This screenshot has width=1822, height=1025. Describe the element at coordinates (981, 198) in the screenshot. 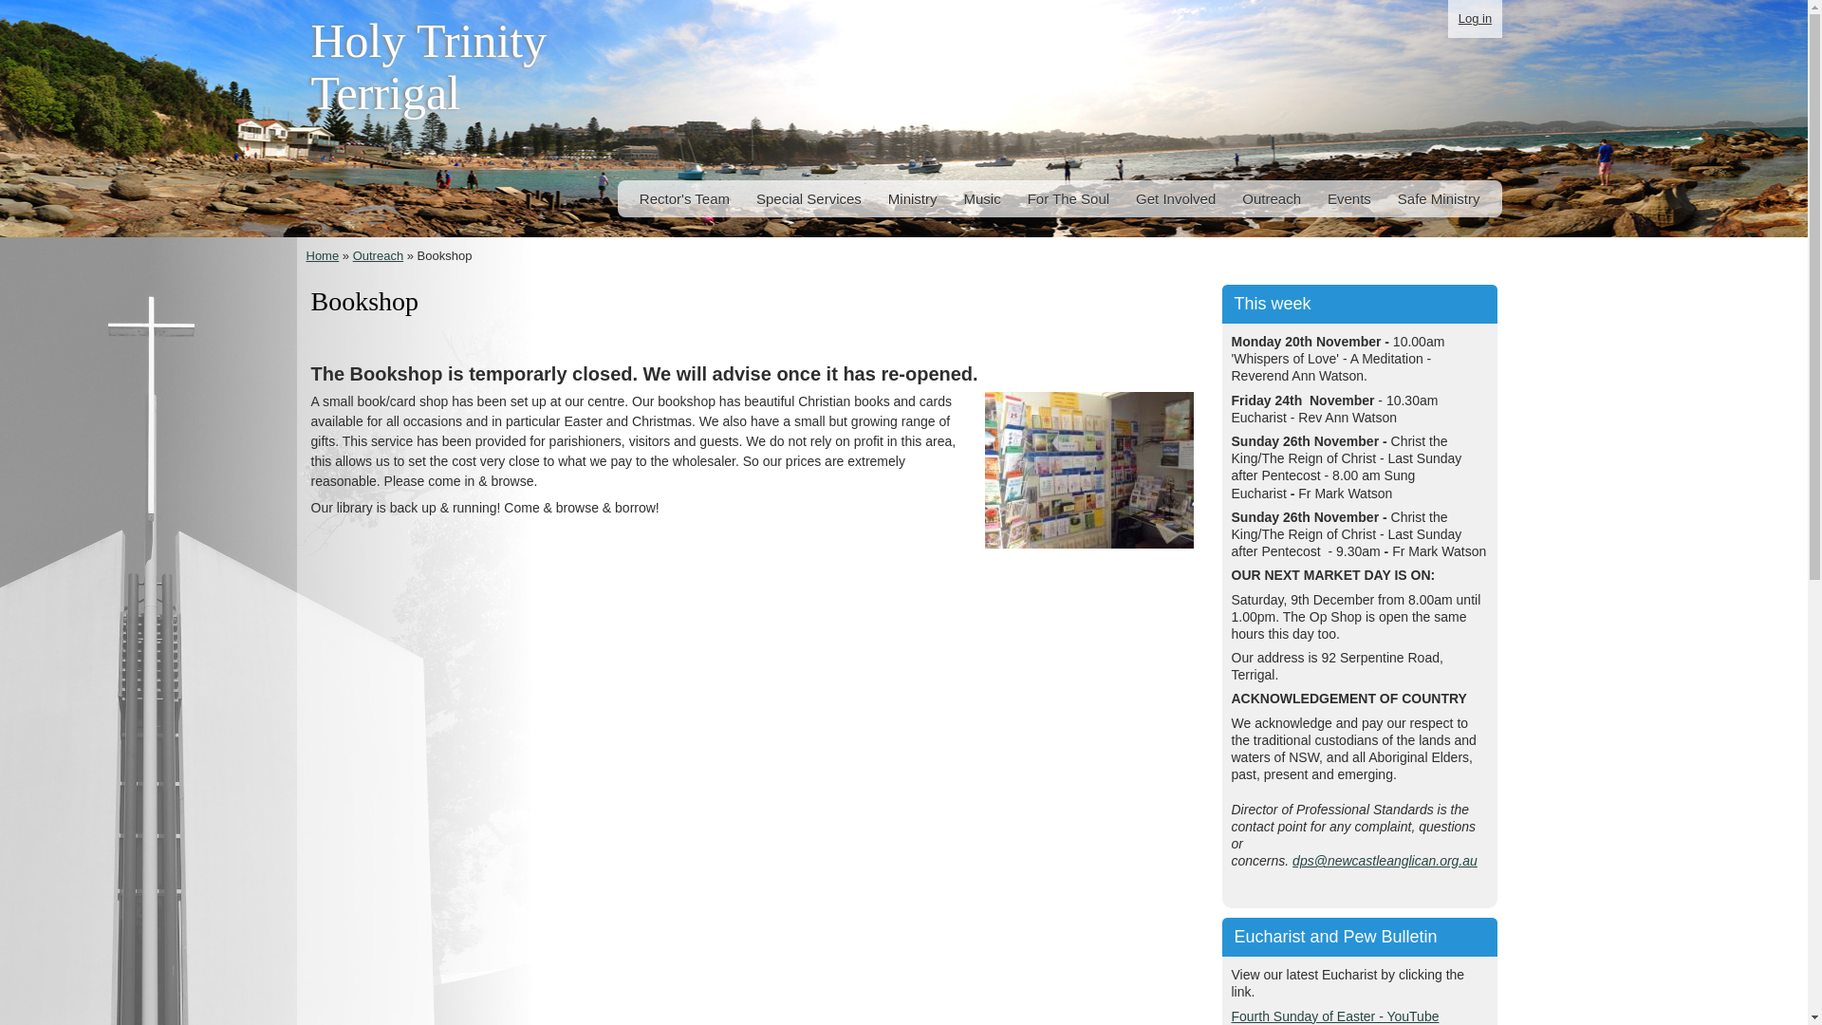

I see `'Music'` at that location.